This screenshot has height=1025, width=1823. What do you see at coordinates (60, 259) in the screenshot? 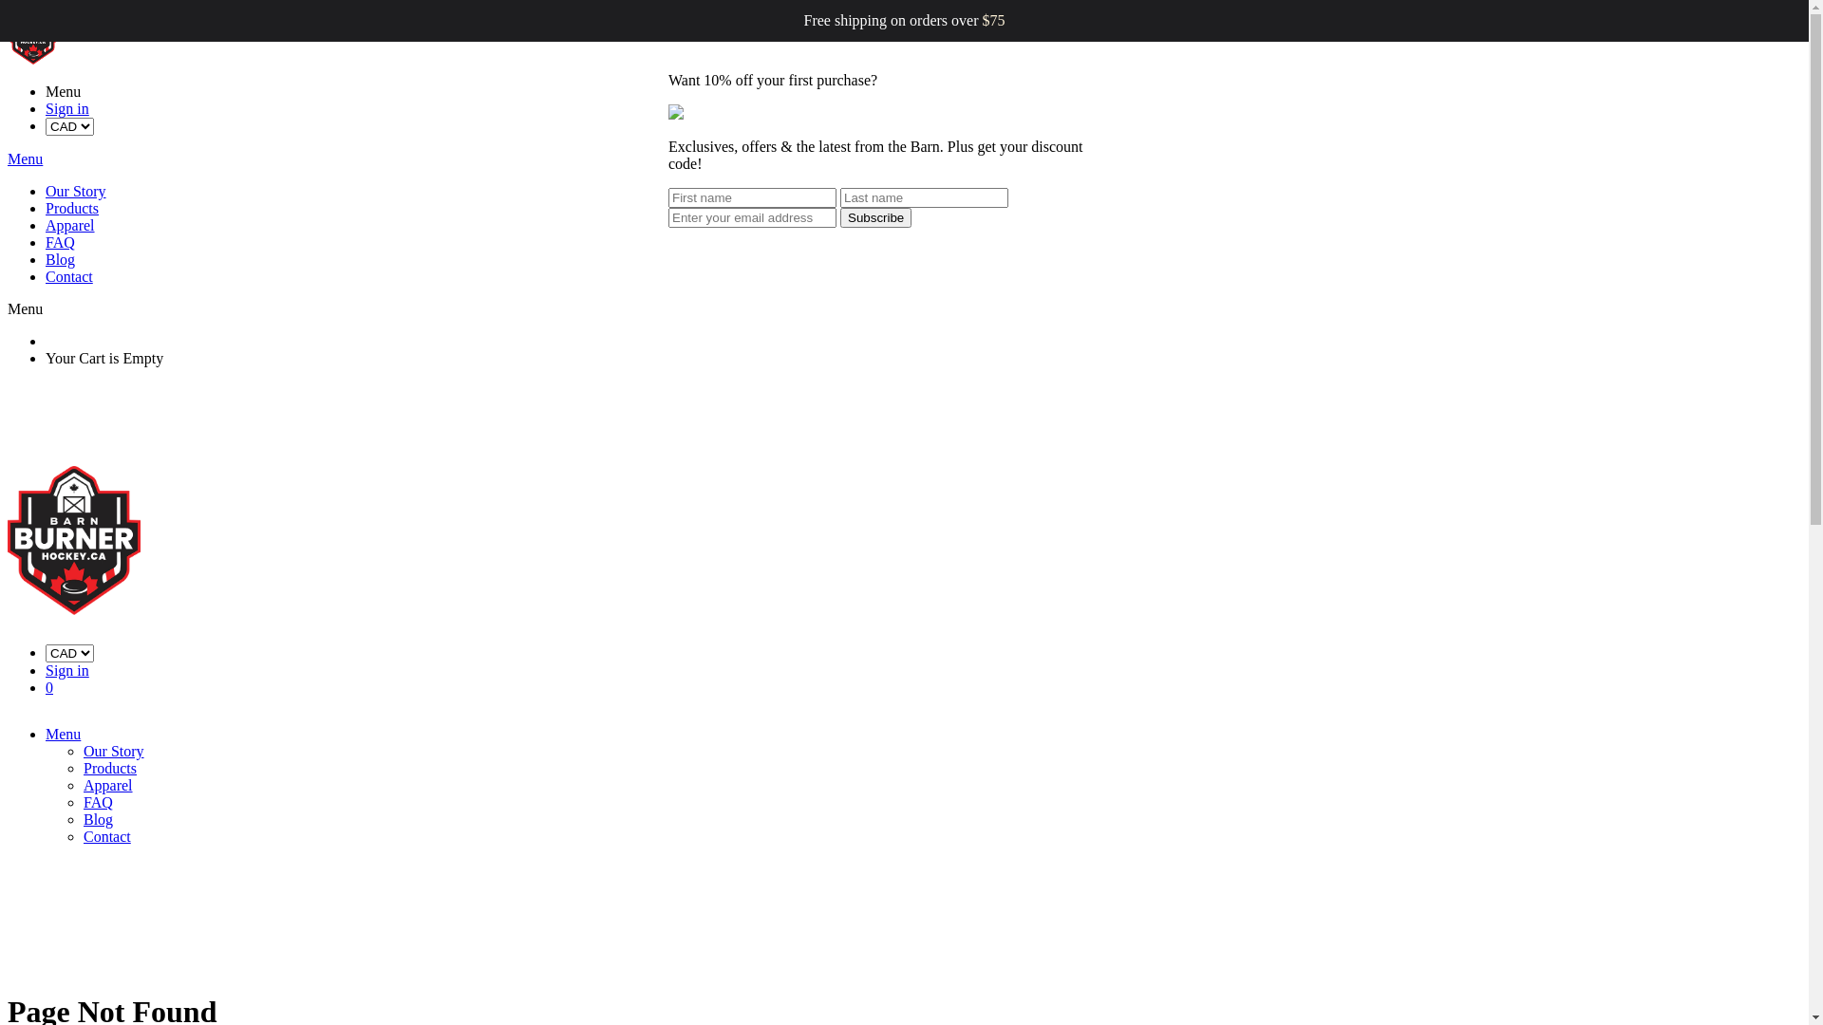
I see `'Blog'` at bounding box center [60, 259].